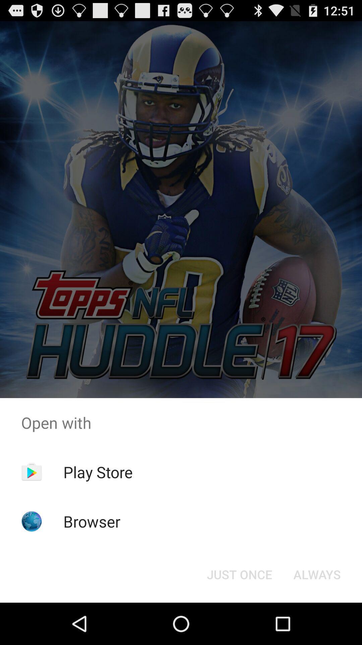  I want to click on just once at the bottom, so click(239, 574).